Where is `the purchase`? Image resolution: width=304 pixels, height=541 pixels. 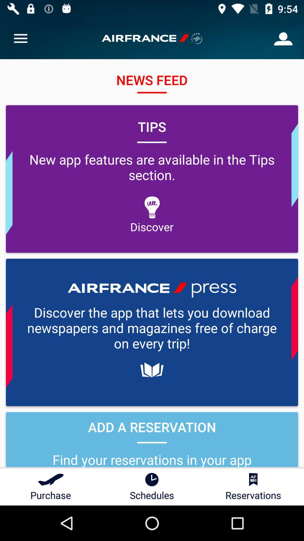
the purchase is located at coordinates (51, 487).